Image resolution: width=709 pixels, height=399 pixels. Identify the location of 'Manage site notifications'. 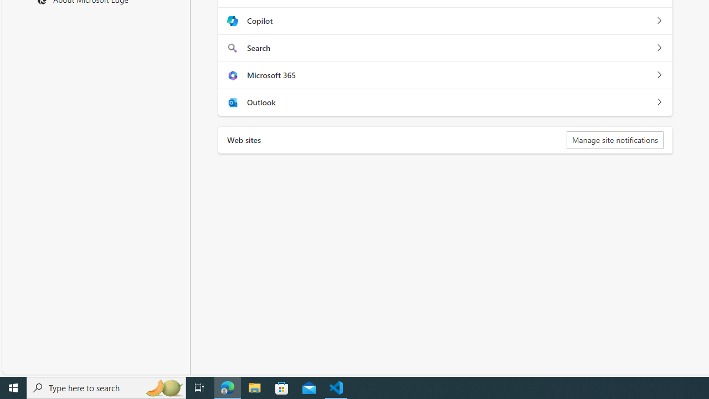
(614, 140).